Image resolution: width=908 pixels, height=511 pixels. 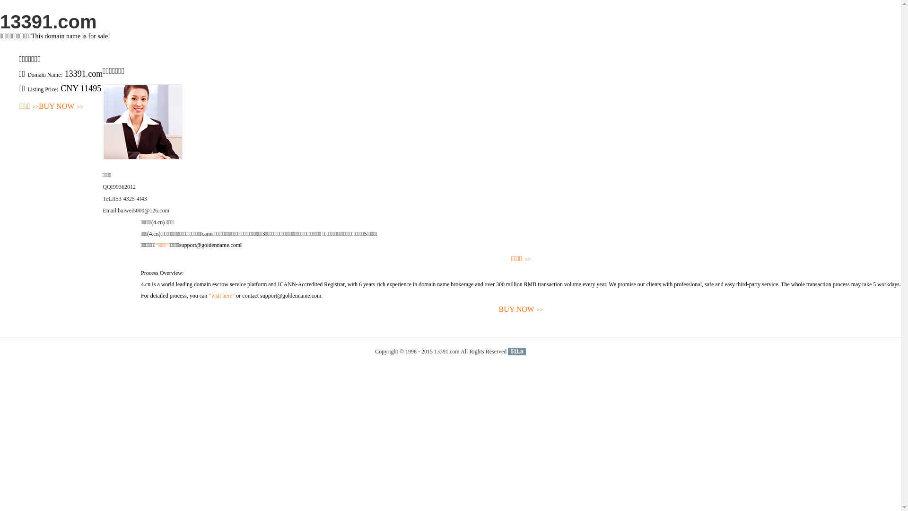 I want to click on 'BUY NOW>>', so click(x=520, y=309).